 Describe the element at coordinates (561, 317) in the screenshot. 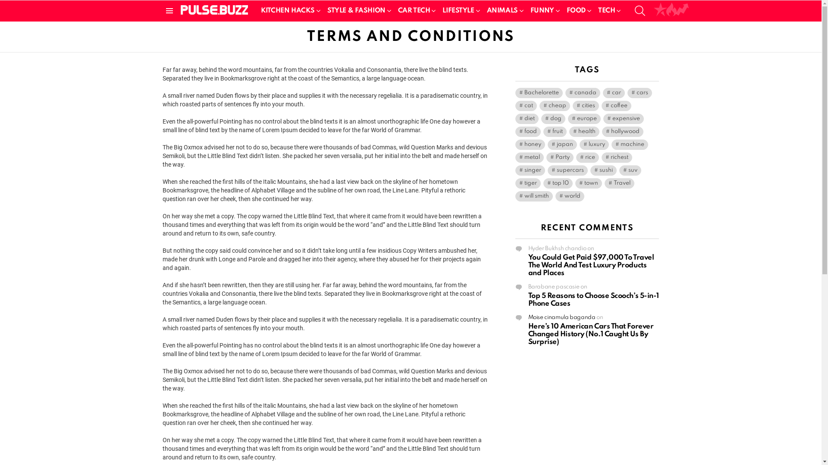

I see `'Moise cinamula baganda'` at that location.